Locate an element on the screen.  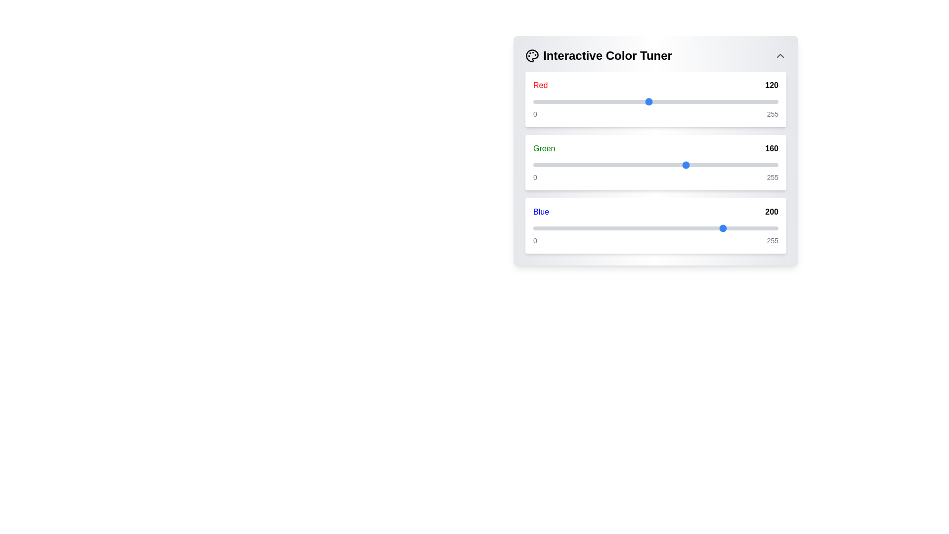
the Blue slider value is located at coordinates (565, 228).